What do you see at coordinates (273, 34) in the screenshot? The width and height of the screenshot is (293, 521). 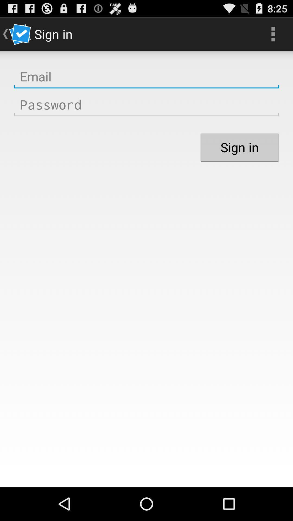 I see `item next to the sign in icon` at bounding box center [273, 34].